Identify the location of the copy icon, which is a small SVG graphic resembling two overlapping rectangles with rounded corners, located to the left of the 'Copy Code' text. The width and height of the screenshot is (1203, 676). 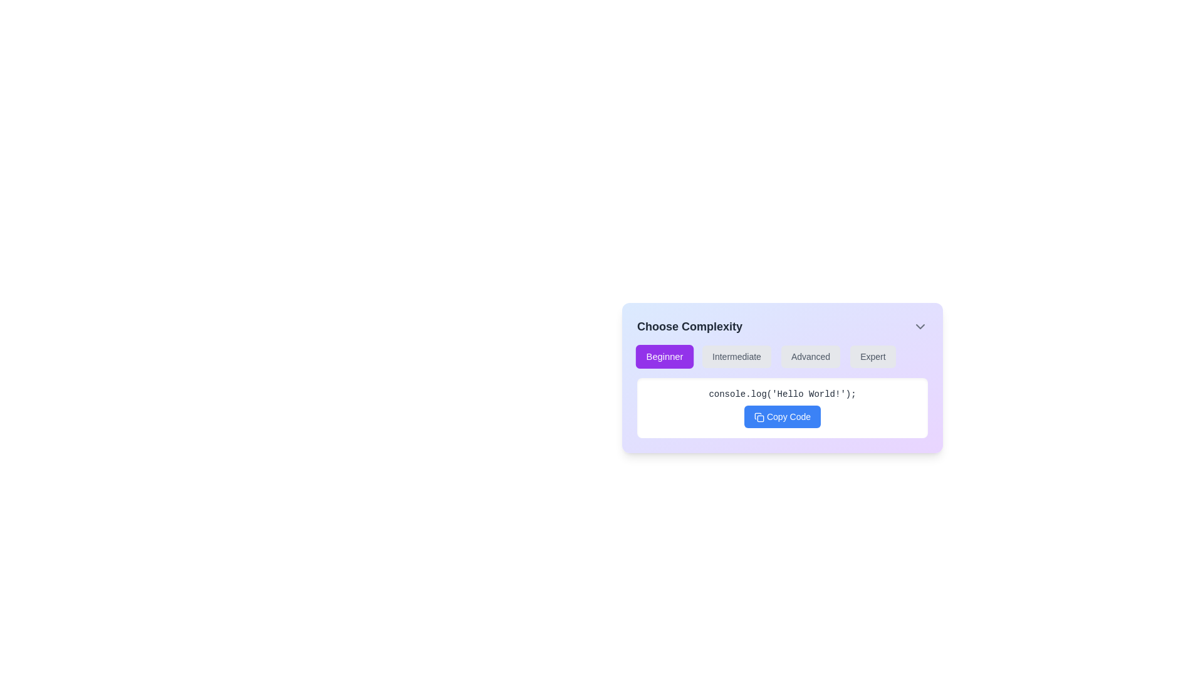
(758, 417).